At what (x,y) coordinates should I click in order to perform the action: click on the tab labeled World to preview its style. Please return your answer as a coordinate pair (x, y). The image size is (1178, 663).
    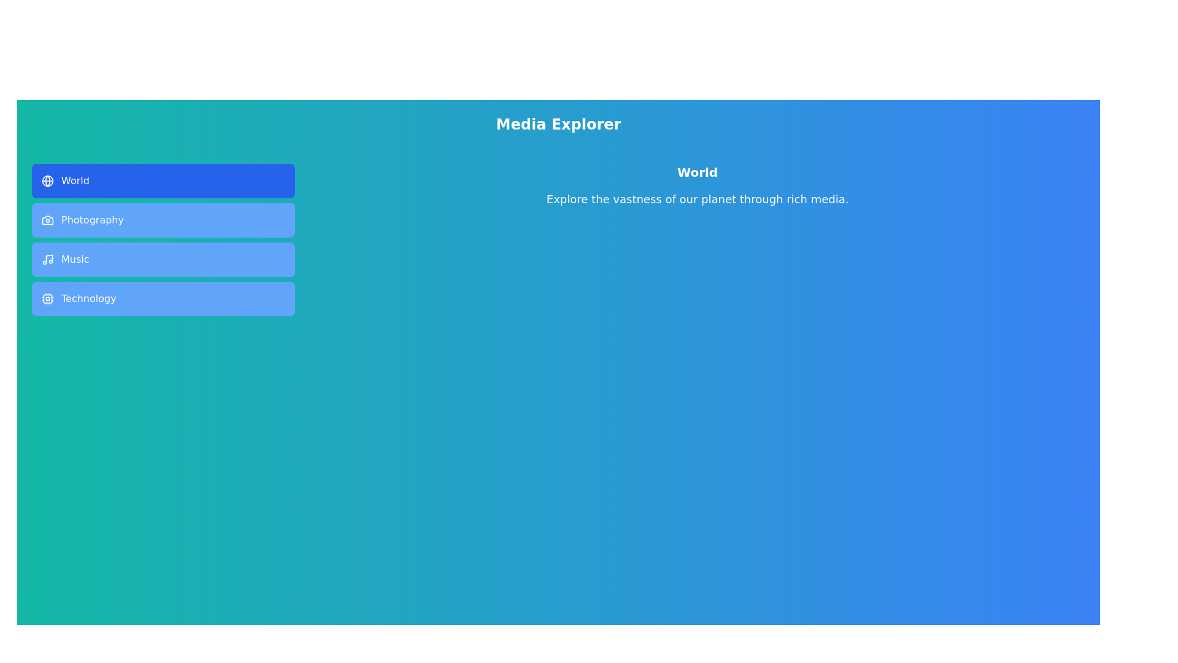
    Looking at the image, I should click on (163, 180).